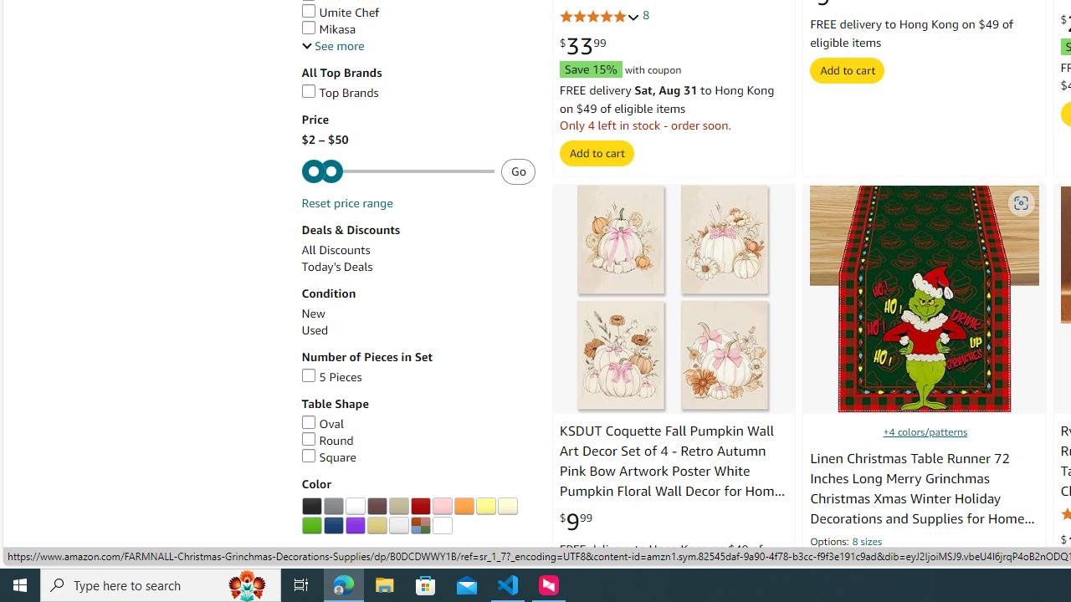 The height and width of the screenshot is (602, 1071). I want to click on 'AutomationID: p_n_feature_twenty_browse-bin/3254099011', so click(333, 505).